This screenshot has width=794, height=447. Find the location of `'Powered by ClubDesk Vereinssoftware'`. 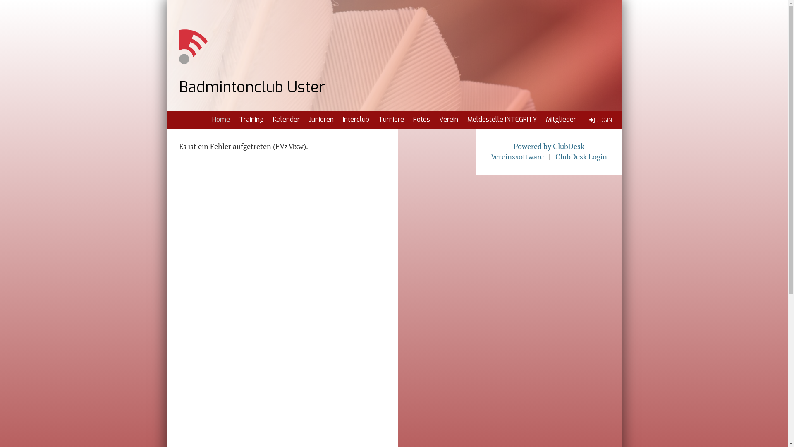

'Powered by ClubDesk Vereinssoftware' is located at coordinates (538, 151).